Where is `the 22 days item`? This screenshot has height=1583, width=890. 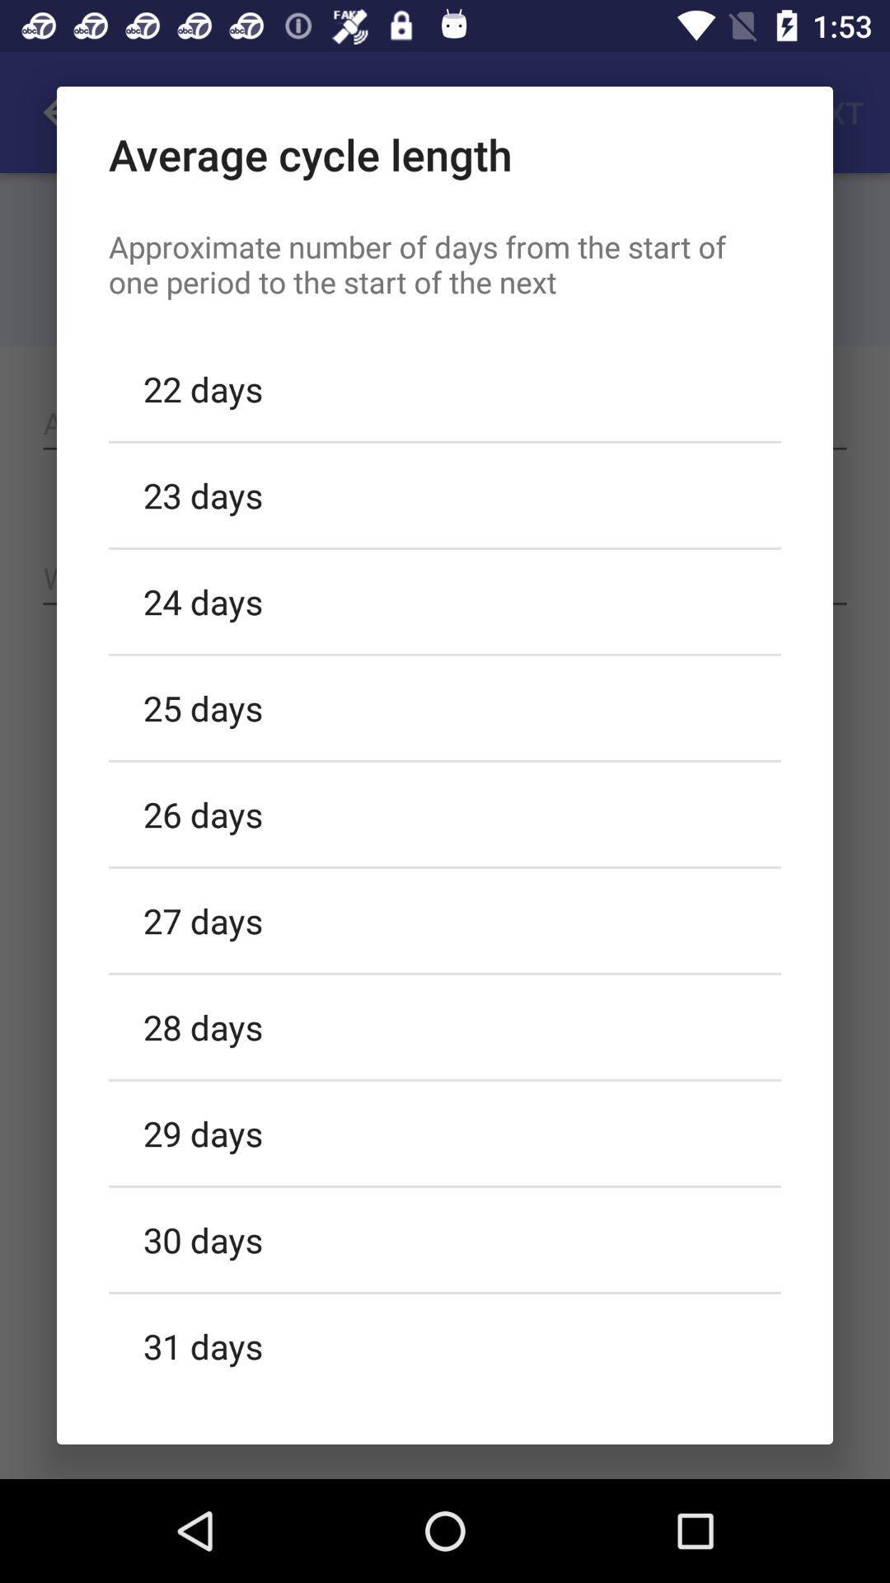 the 22 days item is located at coordinates (445, 388).